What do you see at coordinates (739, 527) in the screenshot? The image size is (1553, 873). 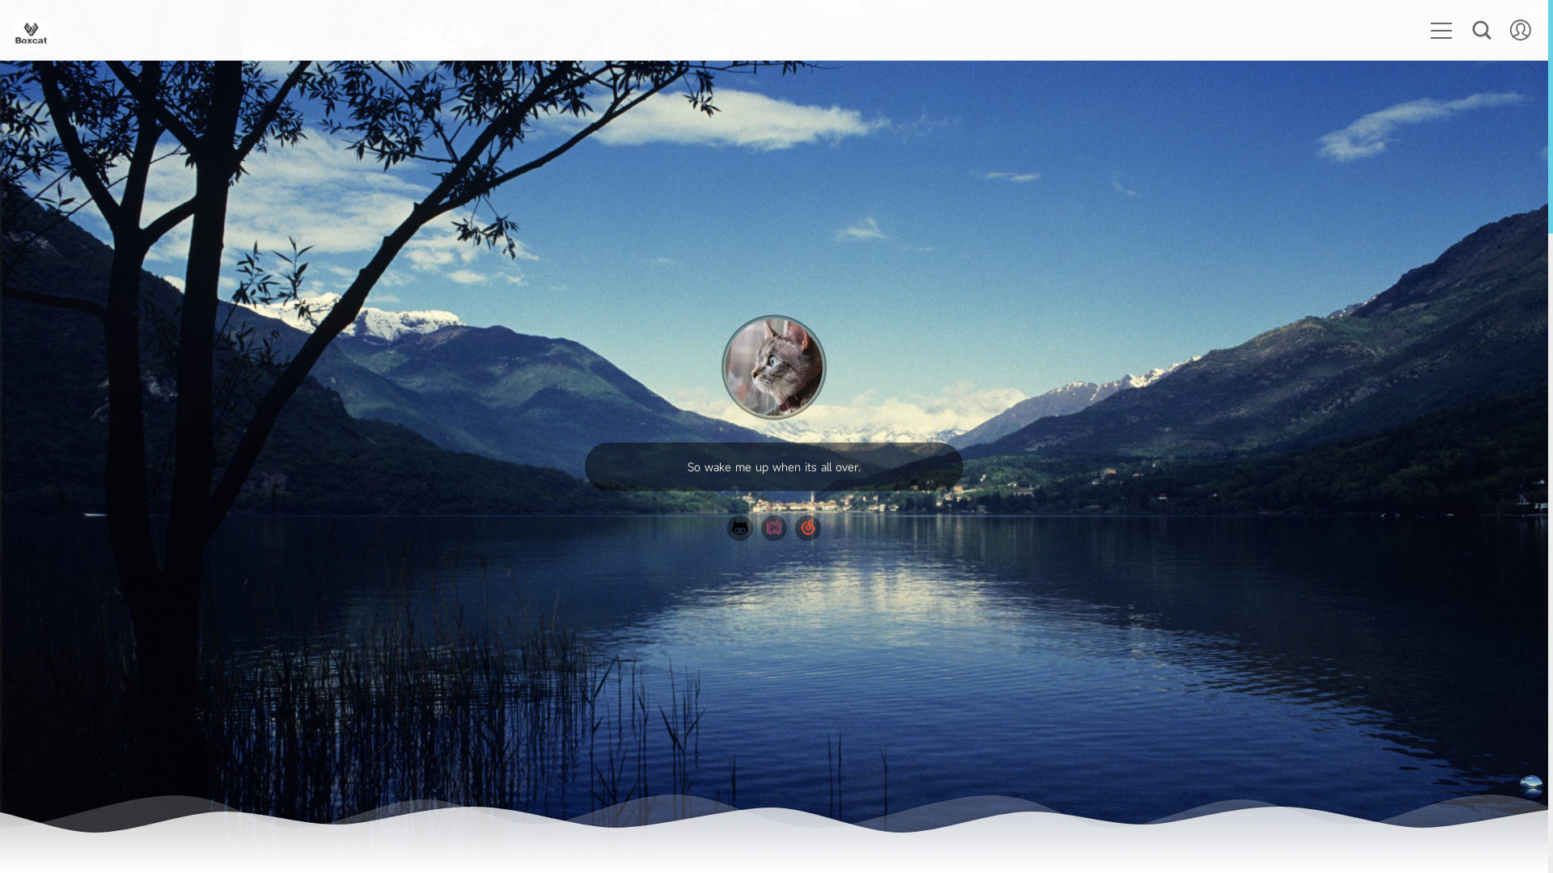 I see `'github'` at bounding box center [739, 527].